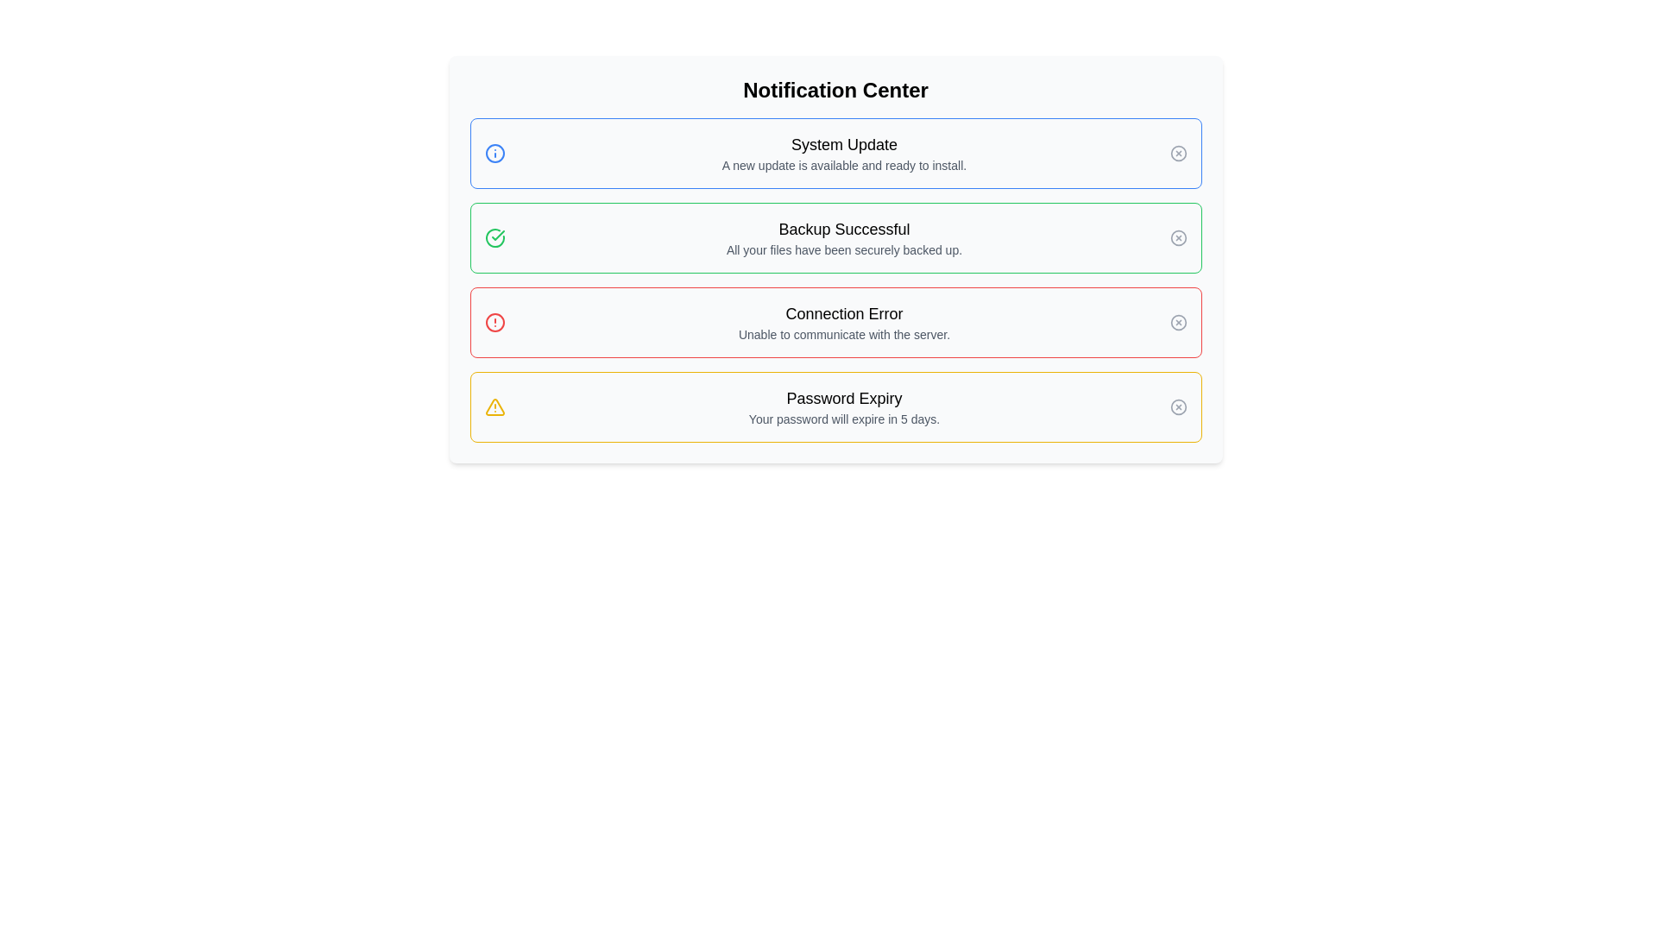  Describe the element at coordinates (1177, 323) in the screenshot. I see `the circular close icon with a cross mark located in the top-right corner of the 'Connection Error' notification card` at that location.